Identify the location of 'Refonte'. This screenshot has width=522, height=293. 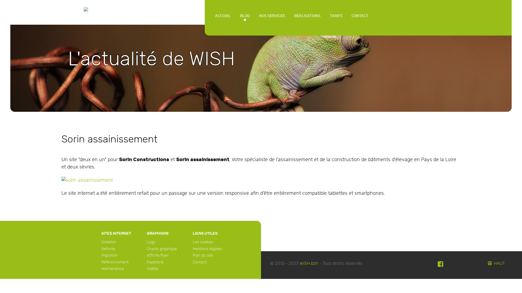
(108, 249).